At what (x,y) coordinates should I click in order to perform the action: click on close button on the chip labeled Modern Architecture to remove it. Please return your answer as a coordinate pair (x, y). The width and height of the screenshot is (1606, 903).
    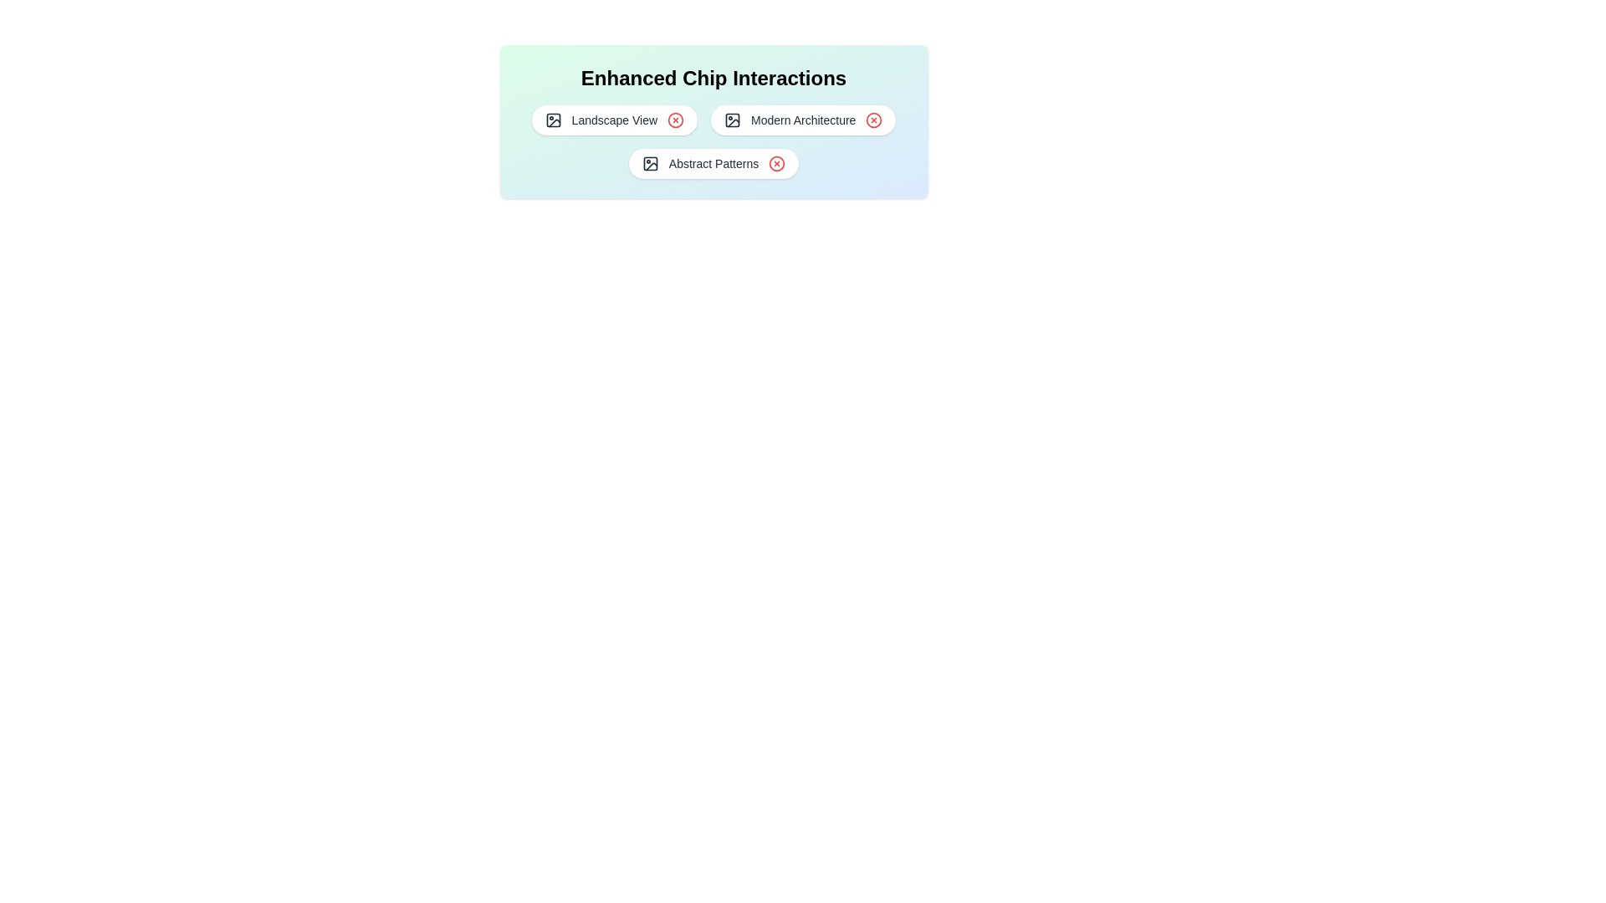
    Looking at the image, I should click on (873, 119).